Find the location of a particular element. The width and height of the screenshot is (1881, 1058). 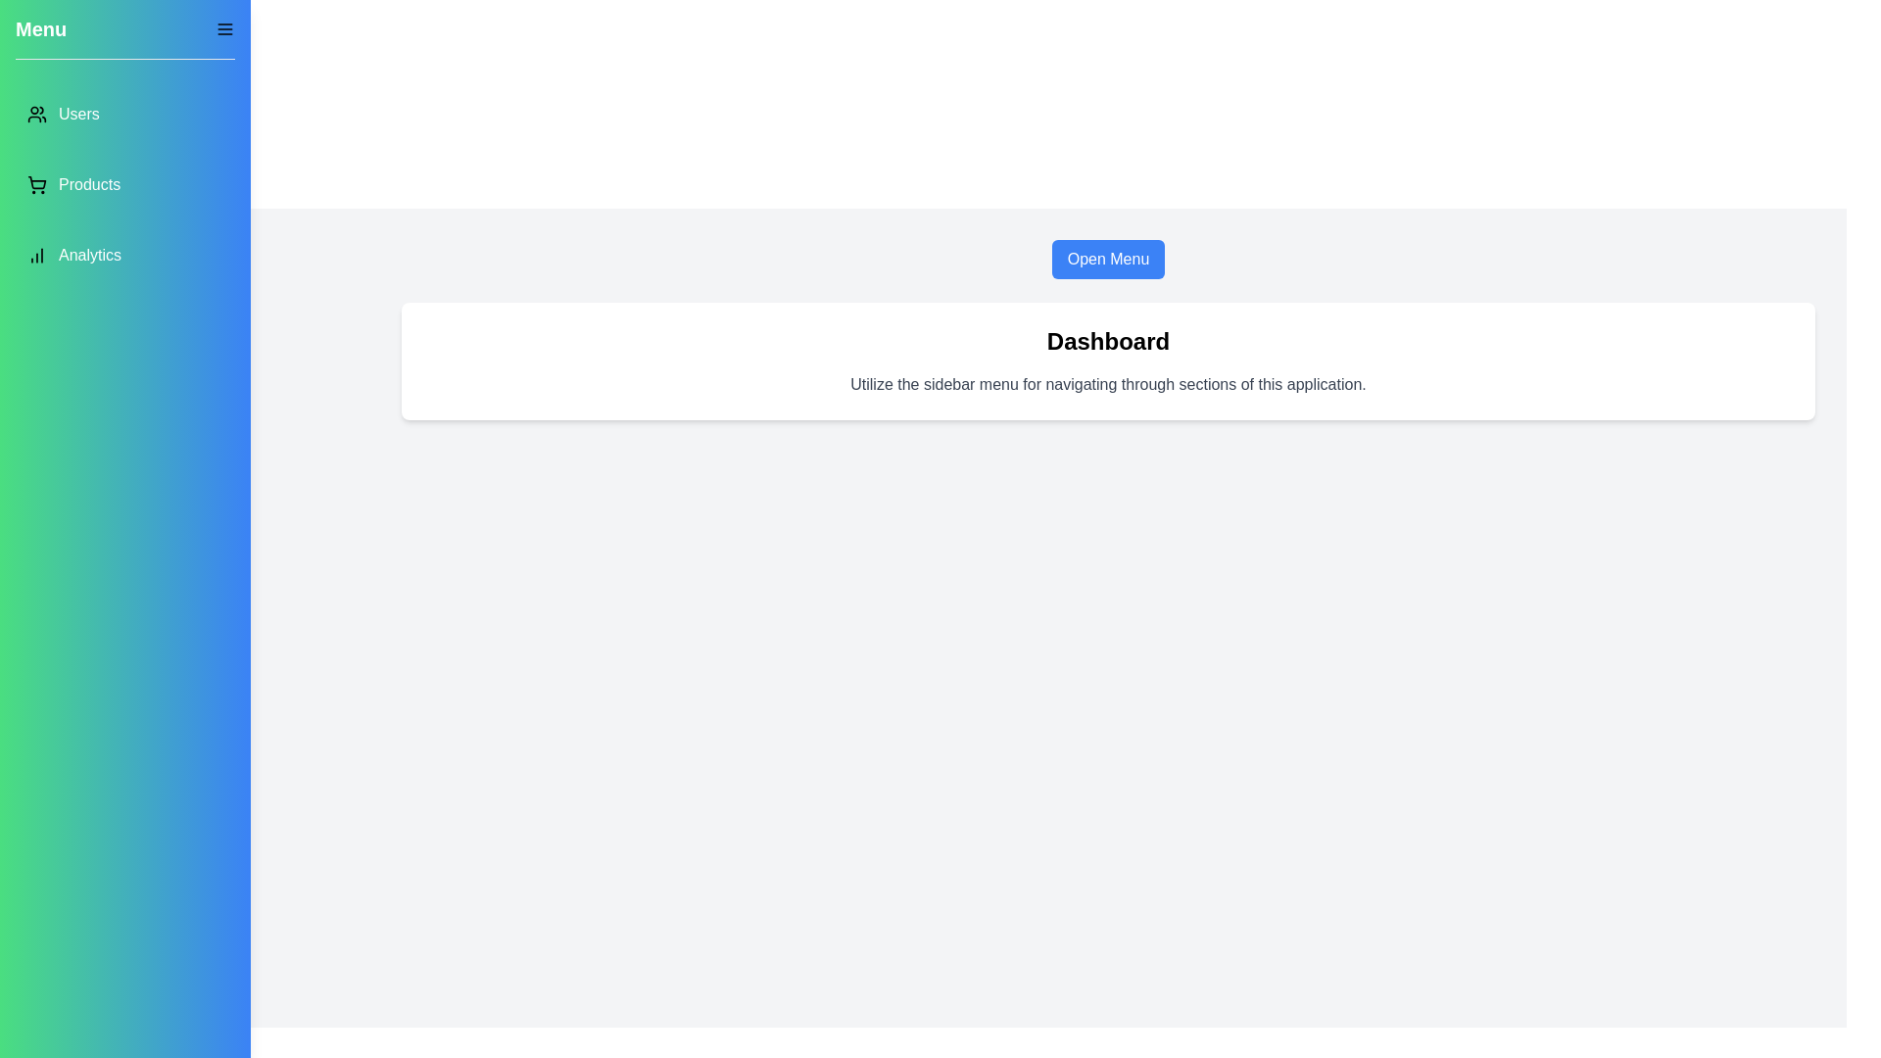

the 'Open Menu' button to open the drawer is located at coordinates (1108, 259).